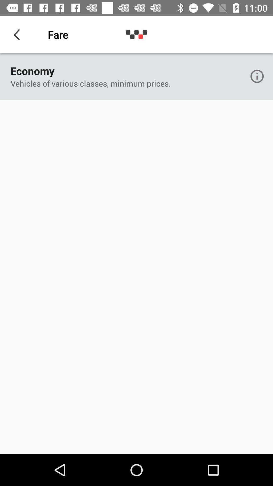  Describe the element at coordinates (18, 34) in the screenshot. I see `the icon above the economy item` at that location.